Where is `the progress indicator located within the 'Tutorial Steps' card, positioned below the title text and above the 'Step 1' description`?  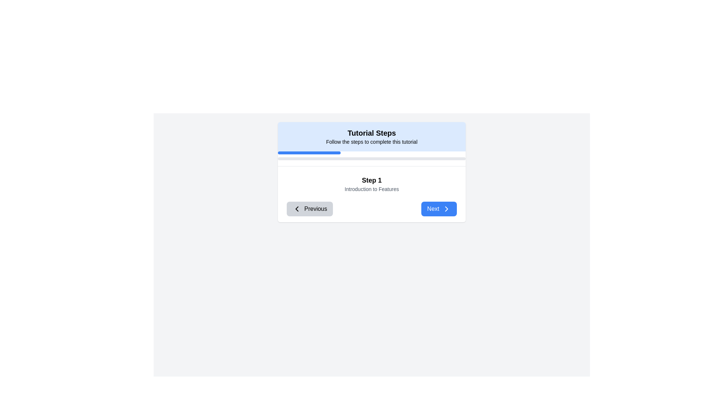 the progress indicator located within the 'Tutorial Steps' card, positioned below the title text and above the 'Step 1' description is located at coordinates (371, 158).